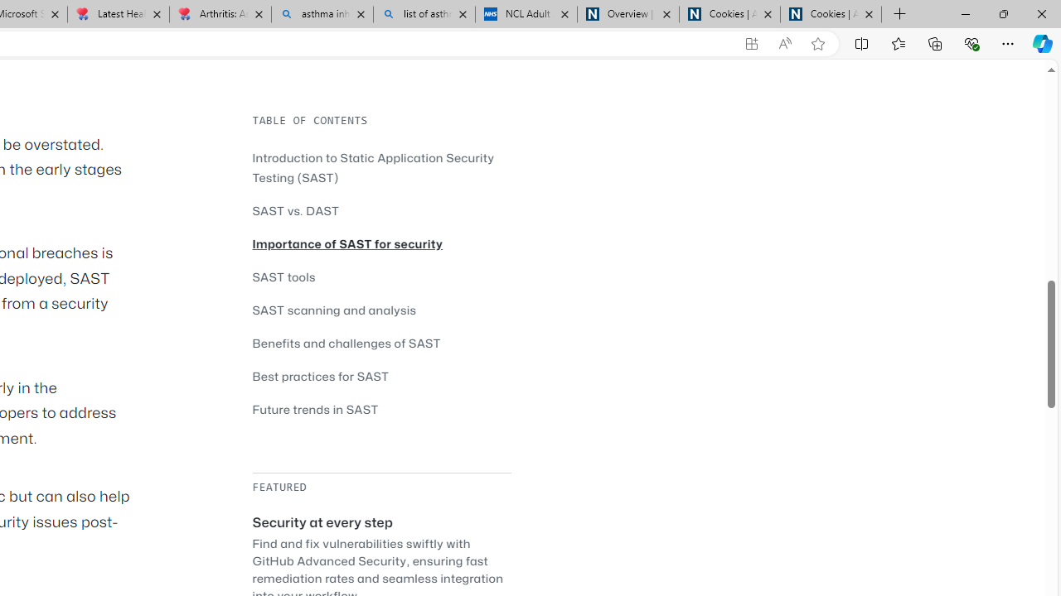  What do you see at coordinates (380, 376) in the screenshot?
I see `'Best practices for SAST'` at bounding box center [380, 376].